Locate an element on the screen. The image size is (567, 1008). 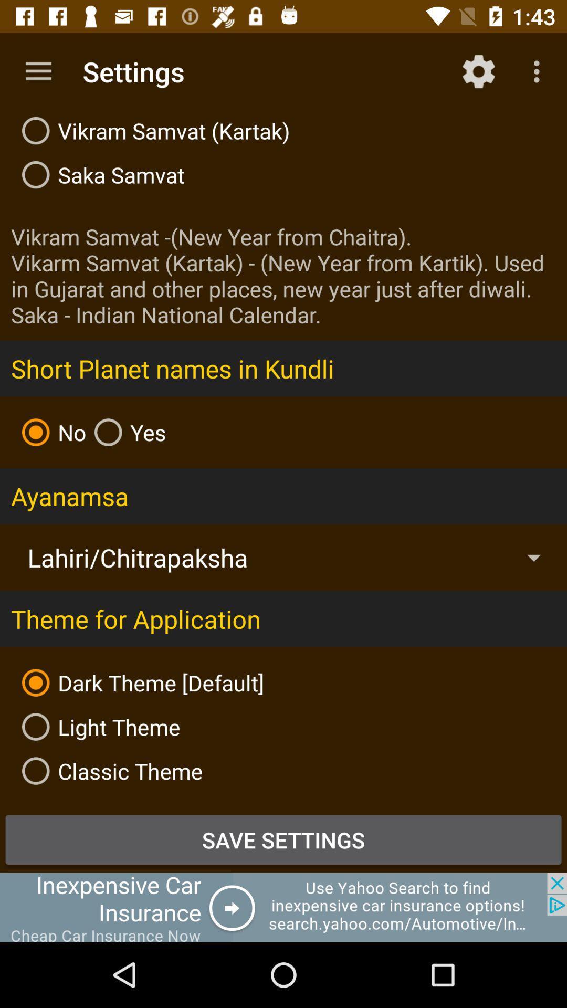
activate an advertisement is located at coordinates (283, 907).